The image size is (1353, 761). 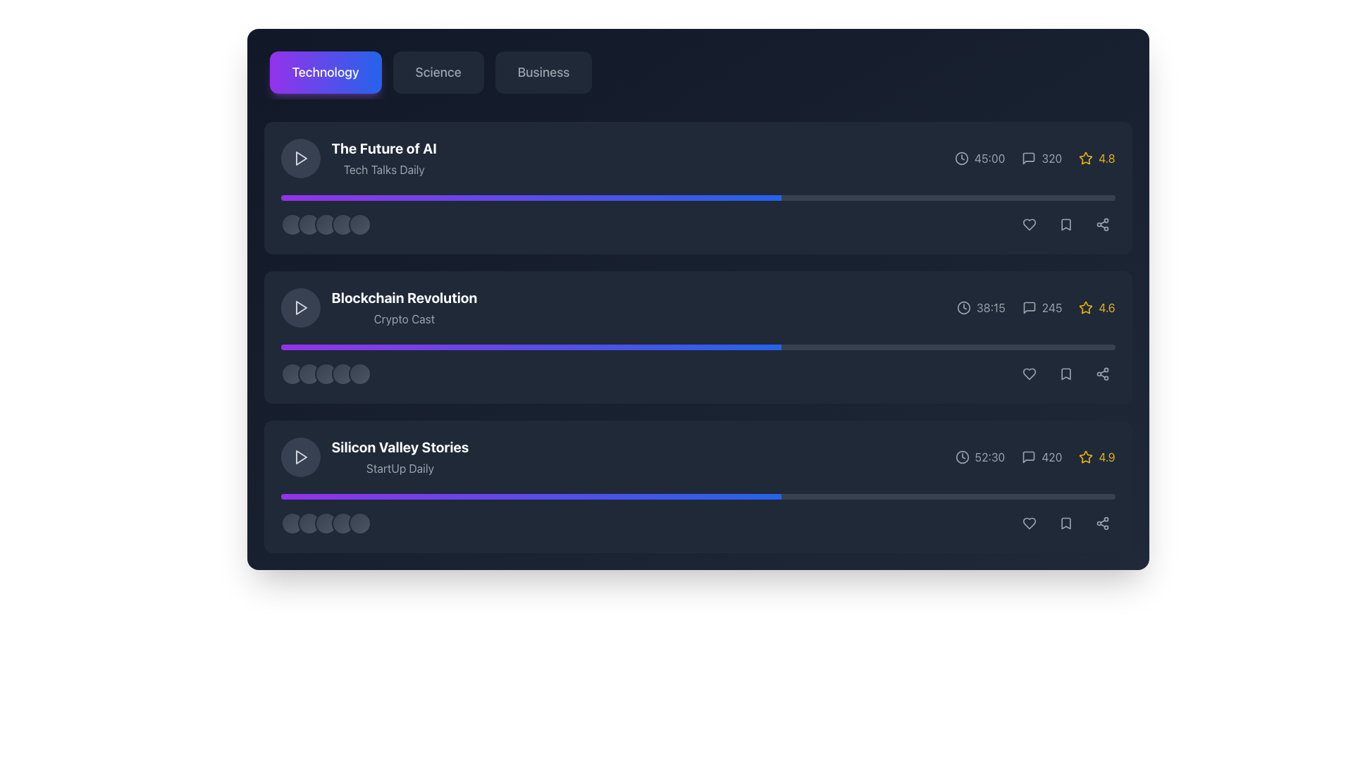 I want to click on the text label that displays the rating value for the associated content, located to the right of a star icon within the second content card, so click(x=1106, y=307).